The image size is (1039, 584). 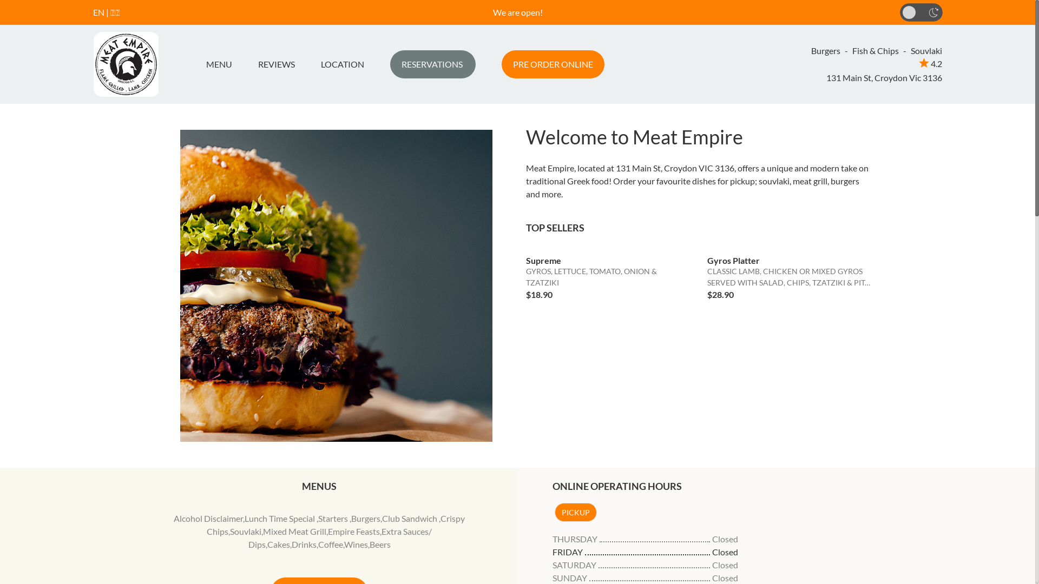 What do you see at coordinates (98, 12) in the screenshot?
I see `'EN'` at bounding box center [98, 12].